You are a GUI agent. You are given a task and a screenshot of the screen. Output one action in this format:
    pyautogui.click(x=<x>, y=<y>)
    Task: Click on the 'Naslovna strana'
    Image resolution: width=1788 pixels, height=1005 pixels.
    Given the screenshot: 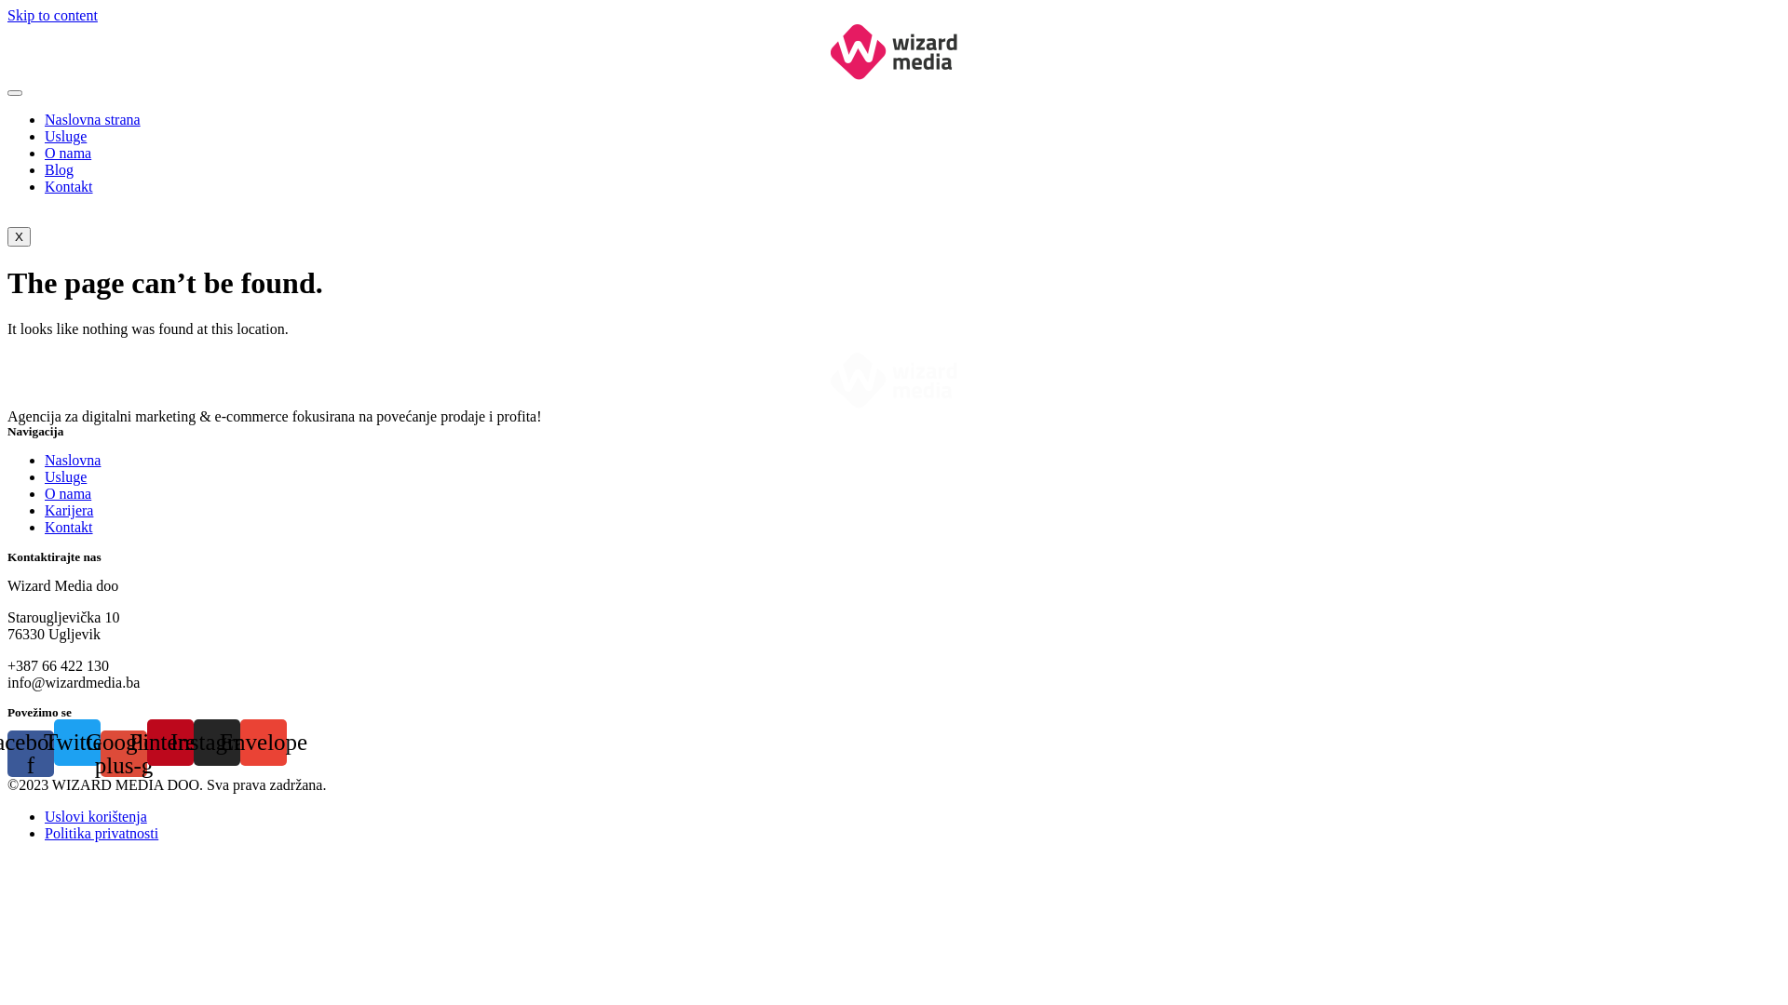 What is the action you would take?
    pyautogui.click(x=91, y=119)
    